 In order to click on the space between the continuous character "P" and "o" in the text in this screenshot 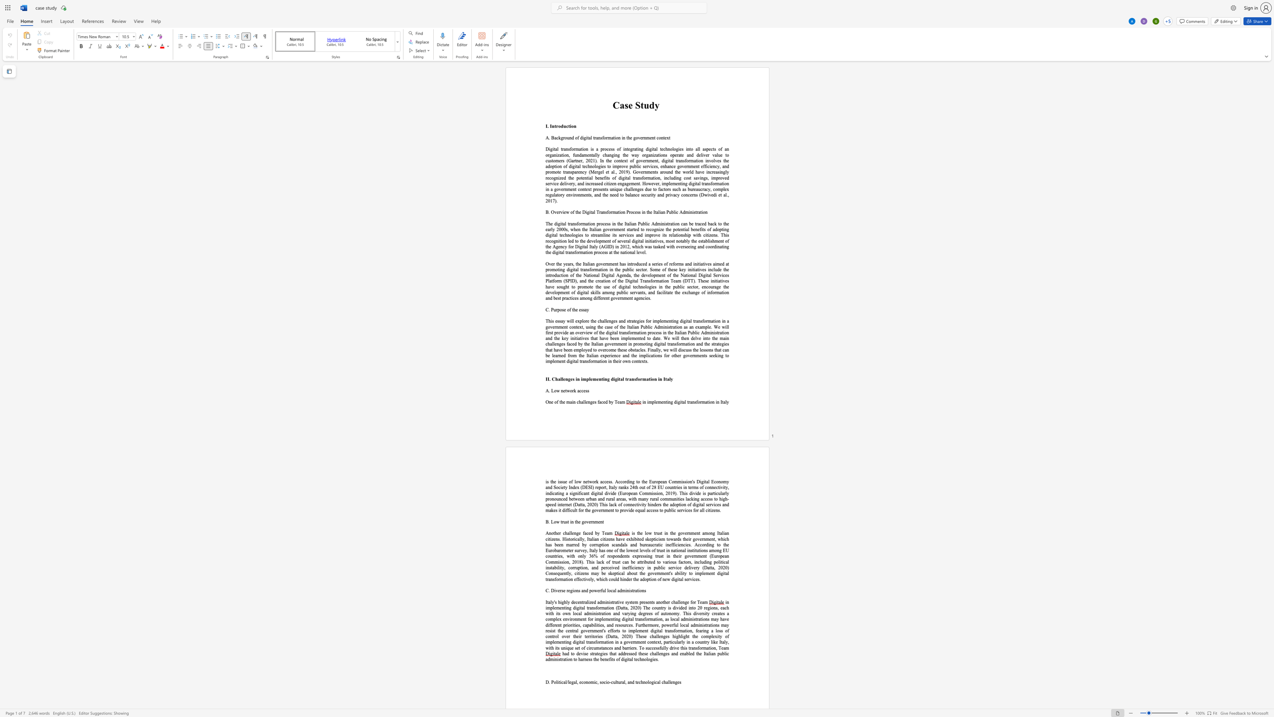, I will do `click(553, 682)`.